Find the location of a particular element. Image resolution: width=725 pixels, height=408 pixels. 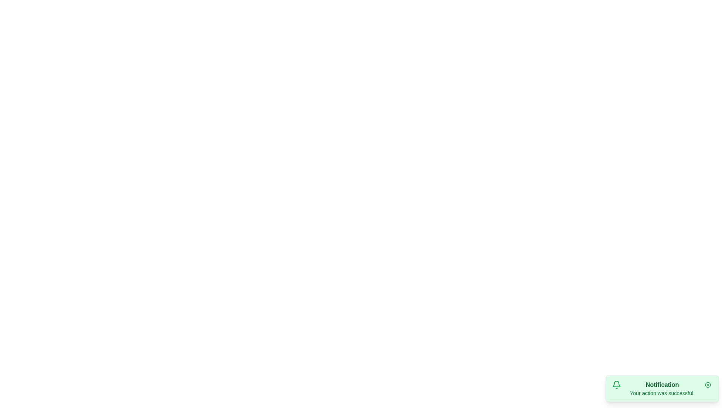

the close button of the snackbar notification to dismiss it is located at coordinates (708, 385).